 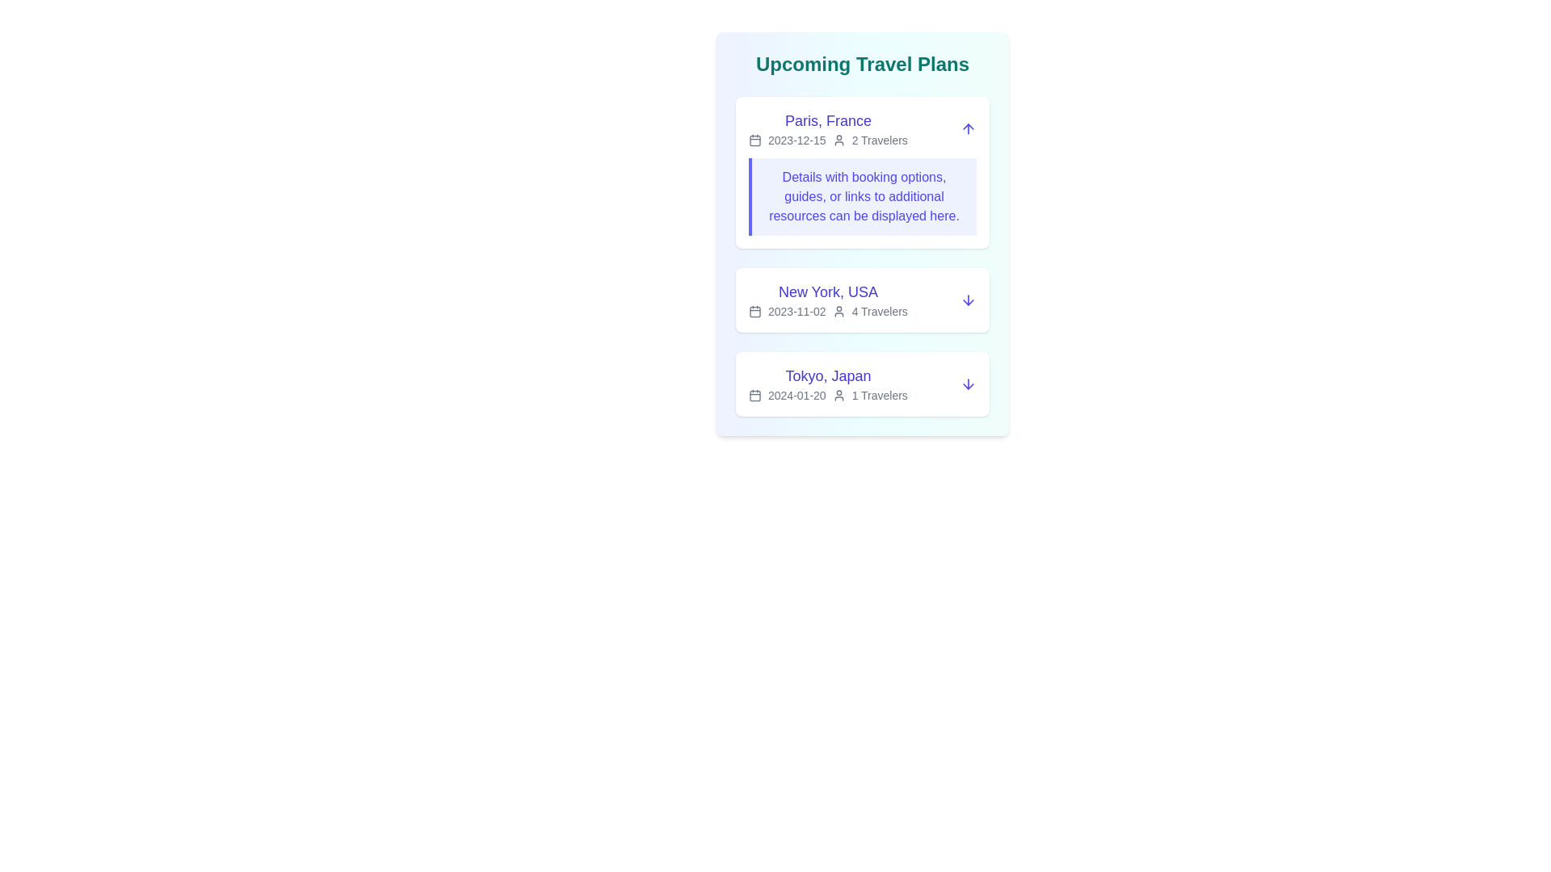 What do you see at coordinates (754, 395) in the screenshot?
I see `the icon associated with Tokyo, Japan to examine it` at bounding box center [754, 395].